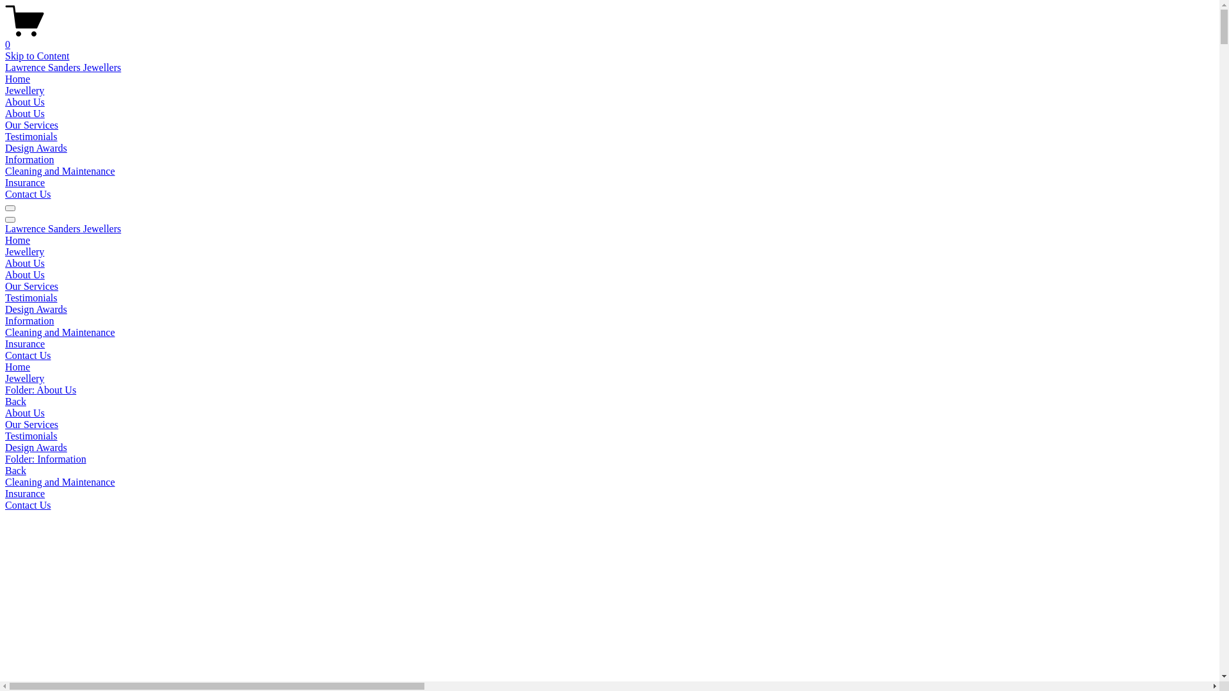 Image resolution: width=1229 pixels, height=691 pixels. Describe the element at coordinates (29, 320) in the screenshot. I see `'Information'` at that location.